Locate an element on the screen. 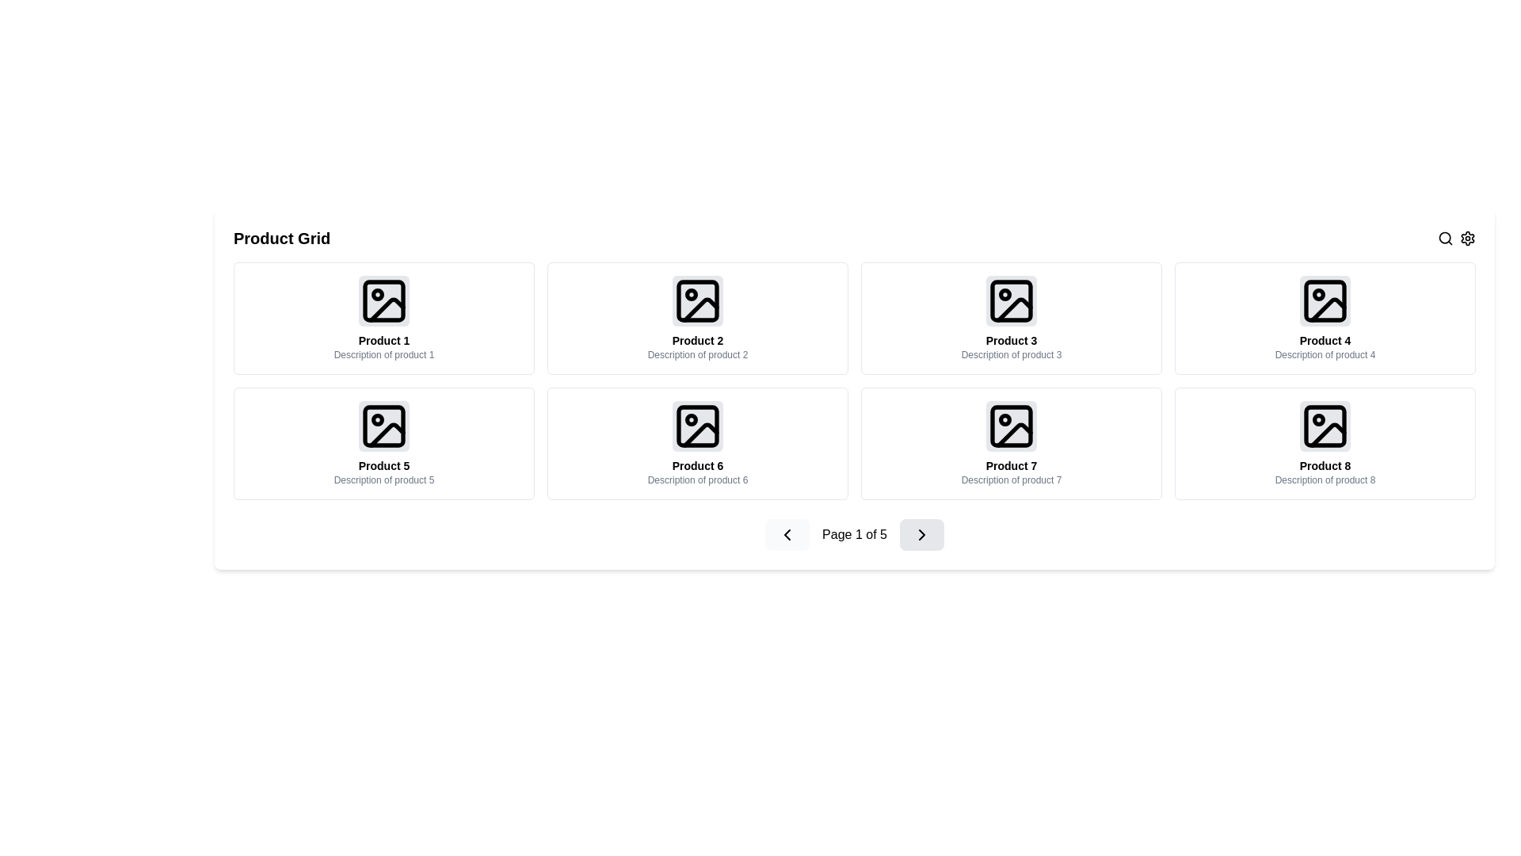 This screenshot has height=856, width=1521. the text element that provides a short description related to 'Product 7', positioned directly below the 'Product 7' header is located at coordinates (1010, 479).